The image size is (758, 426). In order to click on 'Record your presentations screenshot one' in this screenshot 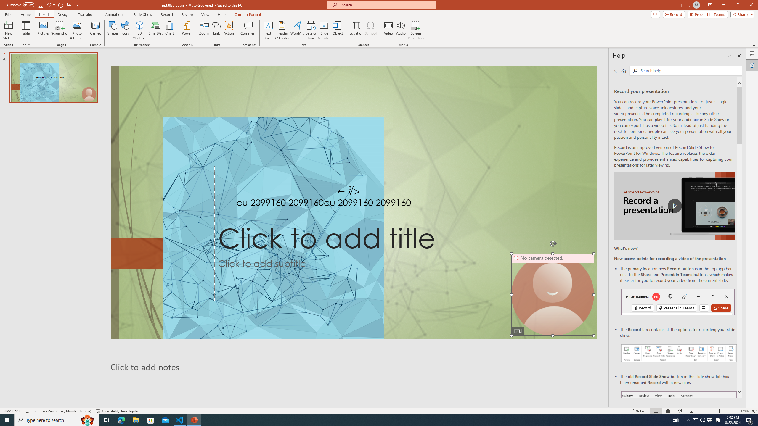, I will do `click(679, 353)`.